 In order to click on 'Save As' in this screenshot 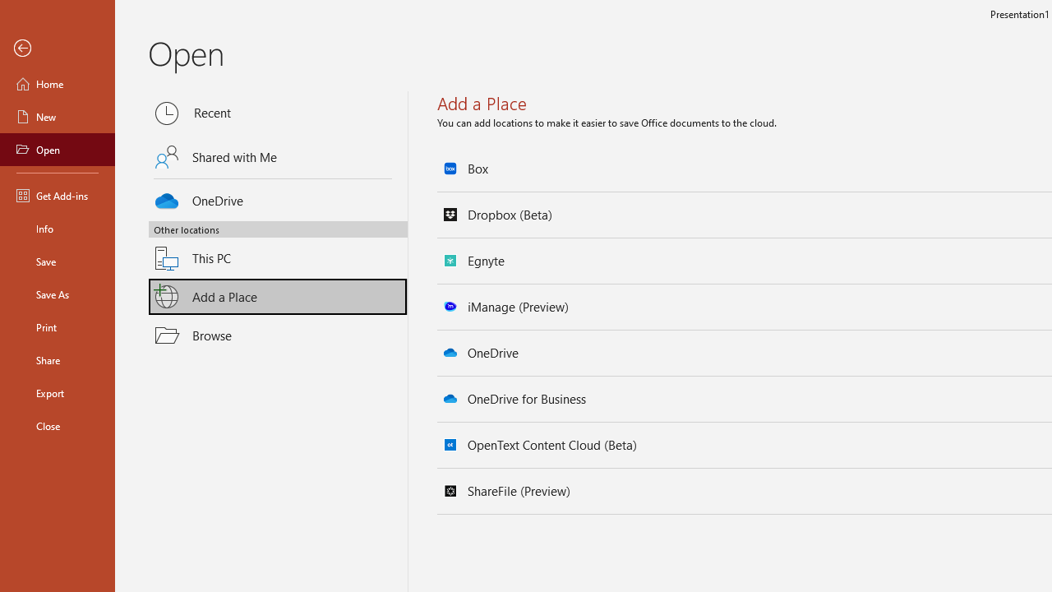, I will do `click(57, 293)`.